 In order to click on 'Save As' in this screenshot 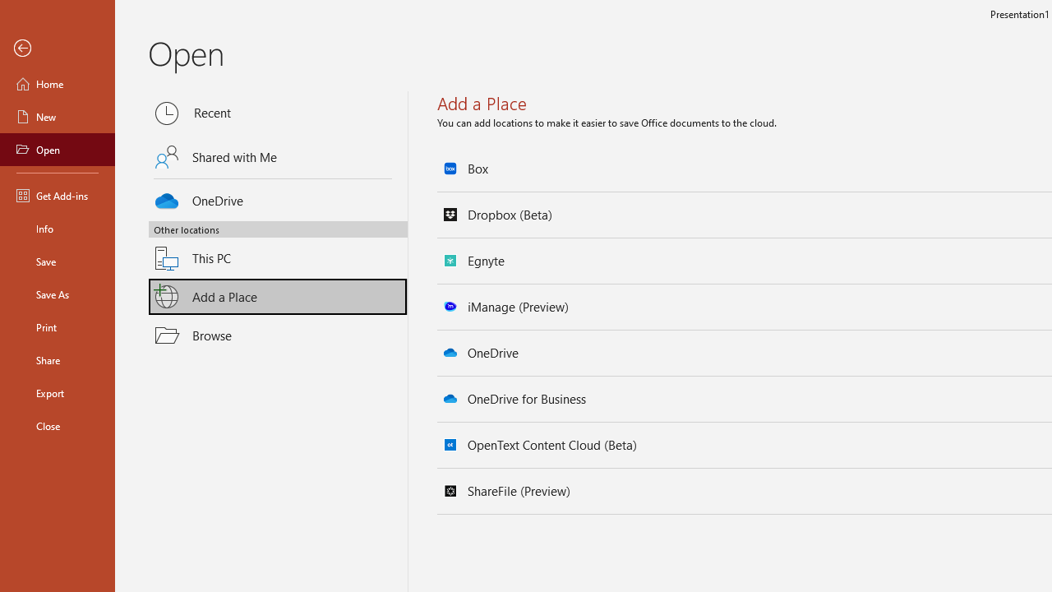, I will do `click(57, 293)`.